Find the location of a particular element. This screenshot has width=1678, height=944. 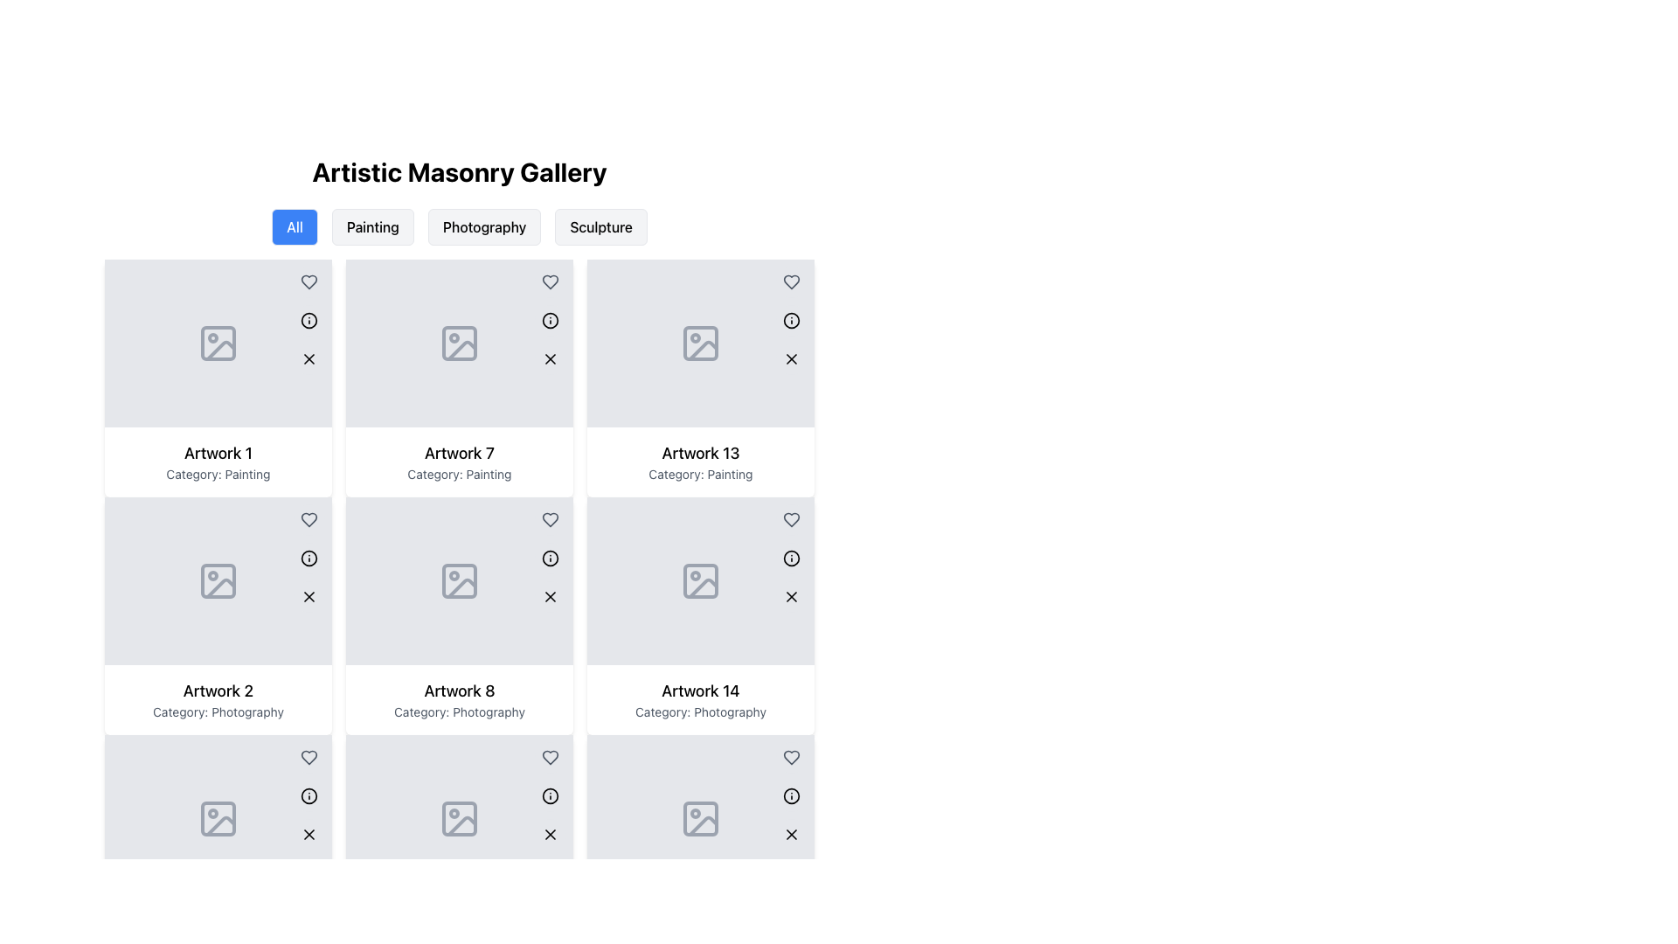

the close button located in the top-right corner of the 'Artwork 14' grid cell is located at coordinates (791, 595).